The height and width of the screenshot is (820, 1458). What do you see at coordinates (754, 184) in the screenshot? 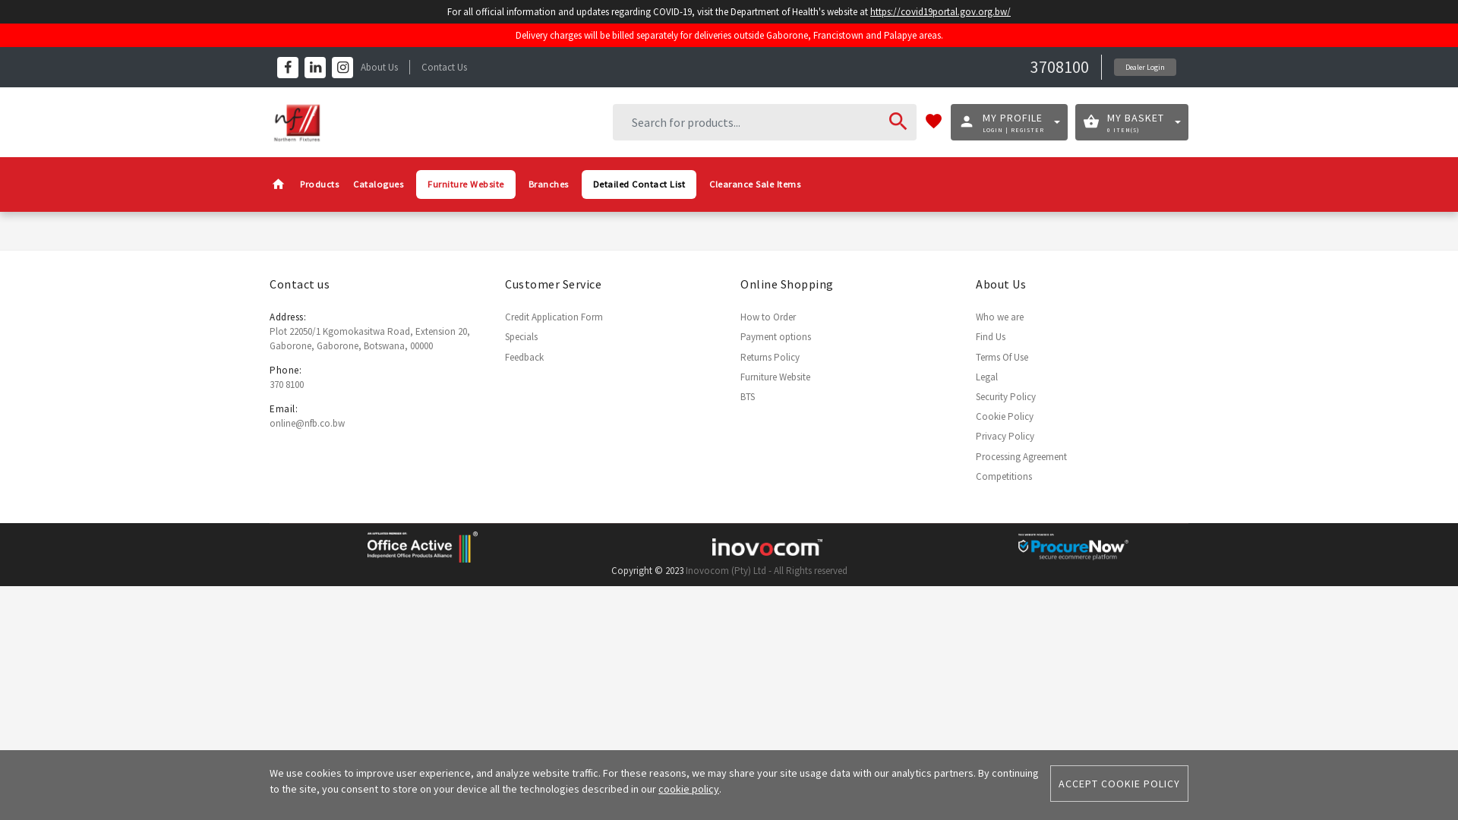
I see `'Clearance Sale Items'` at bounding box center [754, 184].